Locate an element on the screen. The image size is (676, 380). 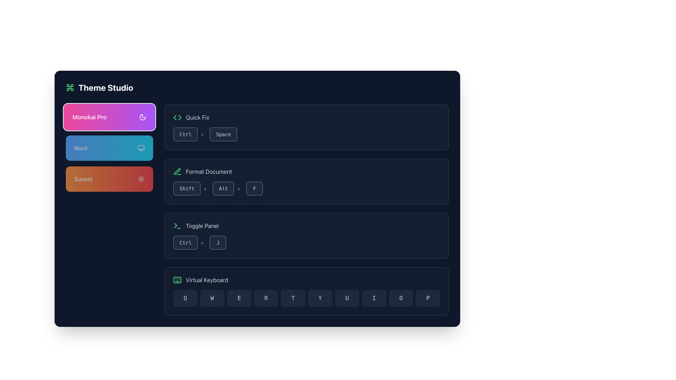
the sun icon located in the 'Sunset' section is located at coordinates (141, 179).